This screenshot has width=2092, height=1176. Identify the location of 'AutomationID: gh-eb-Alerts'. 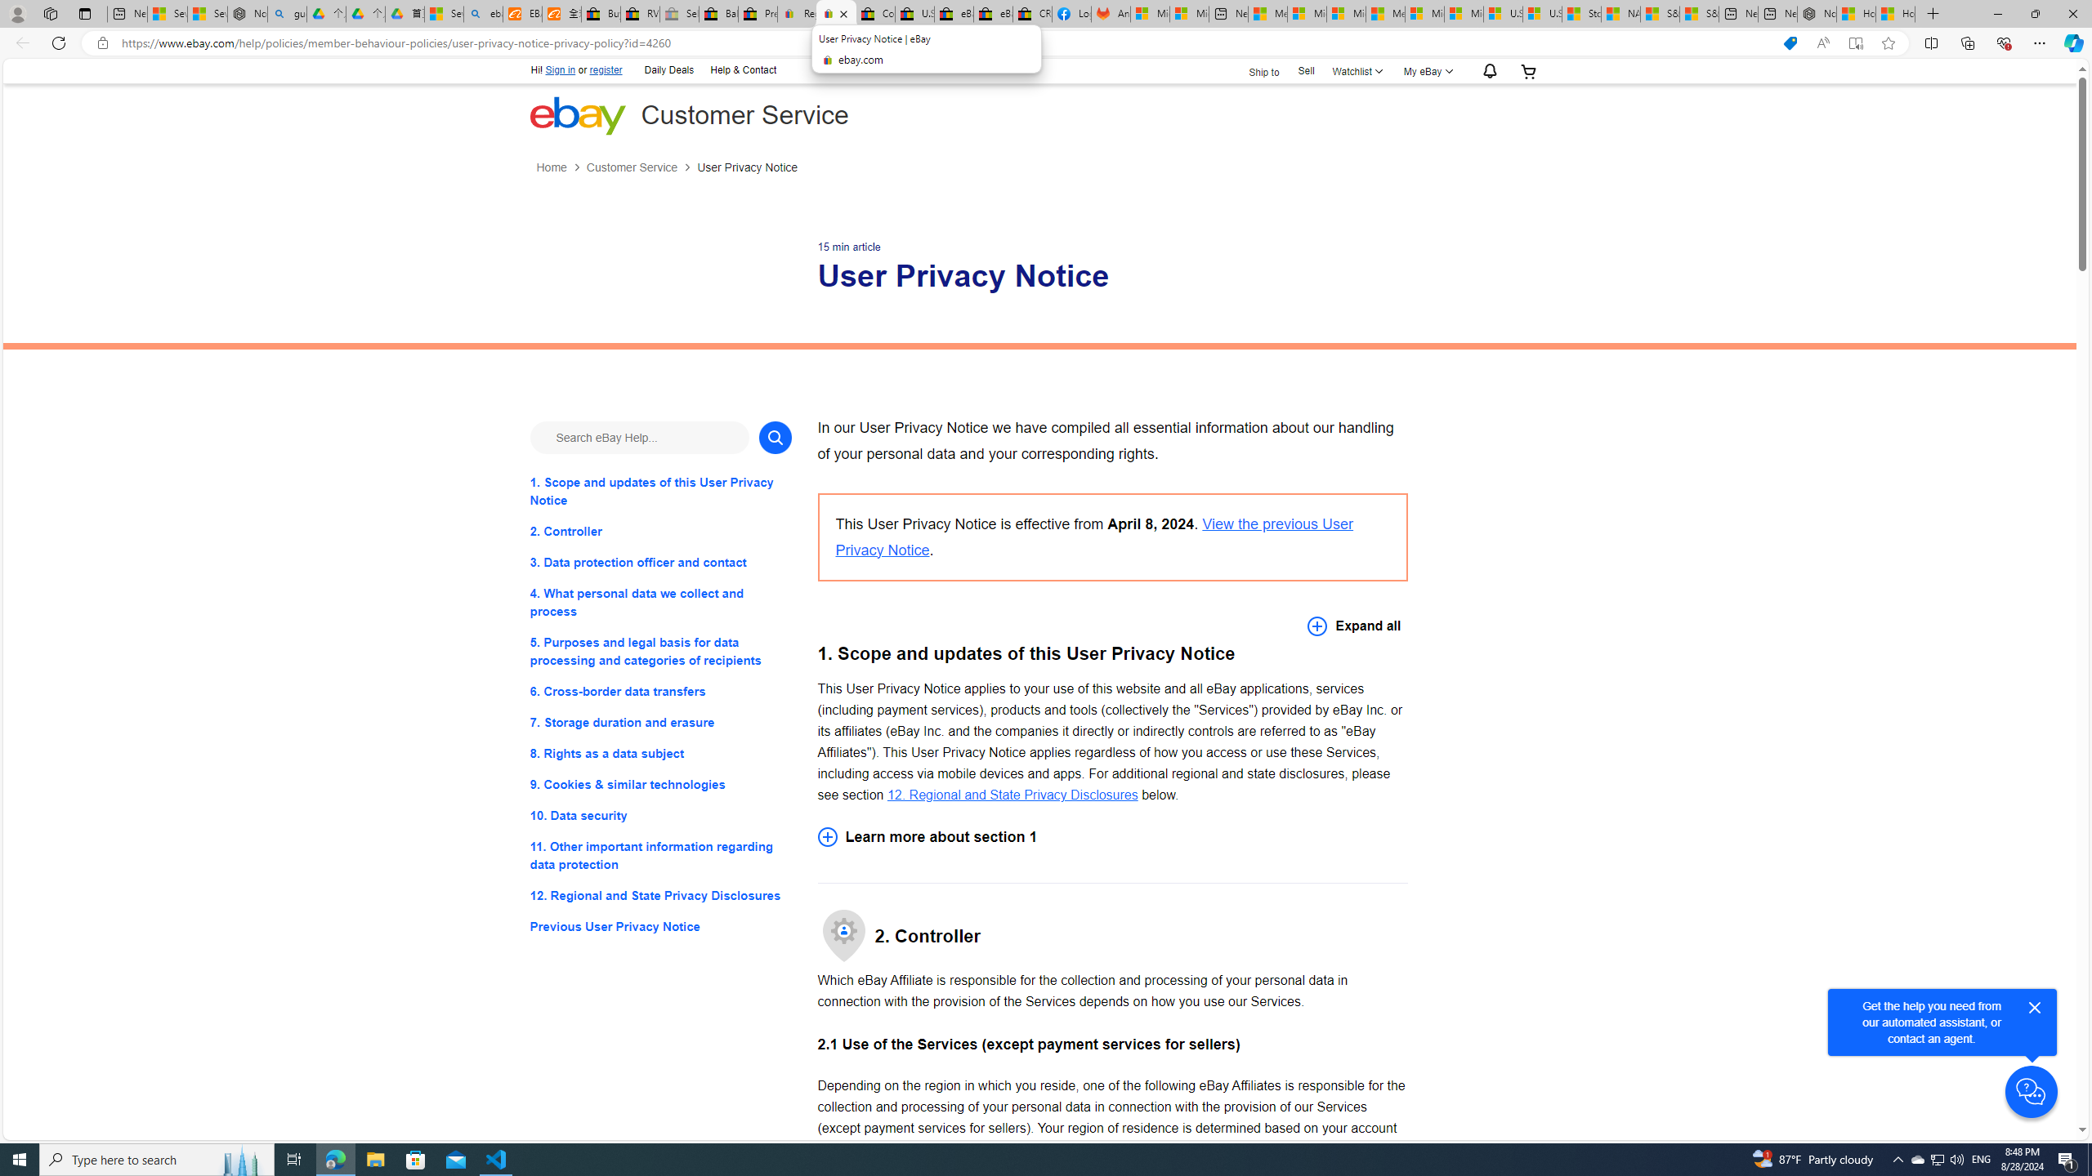
(1486, 71).